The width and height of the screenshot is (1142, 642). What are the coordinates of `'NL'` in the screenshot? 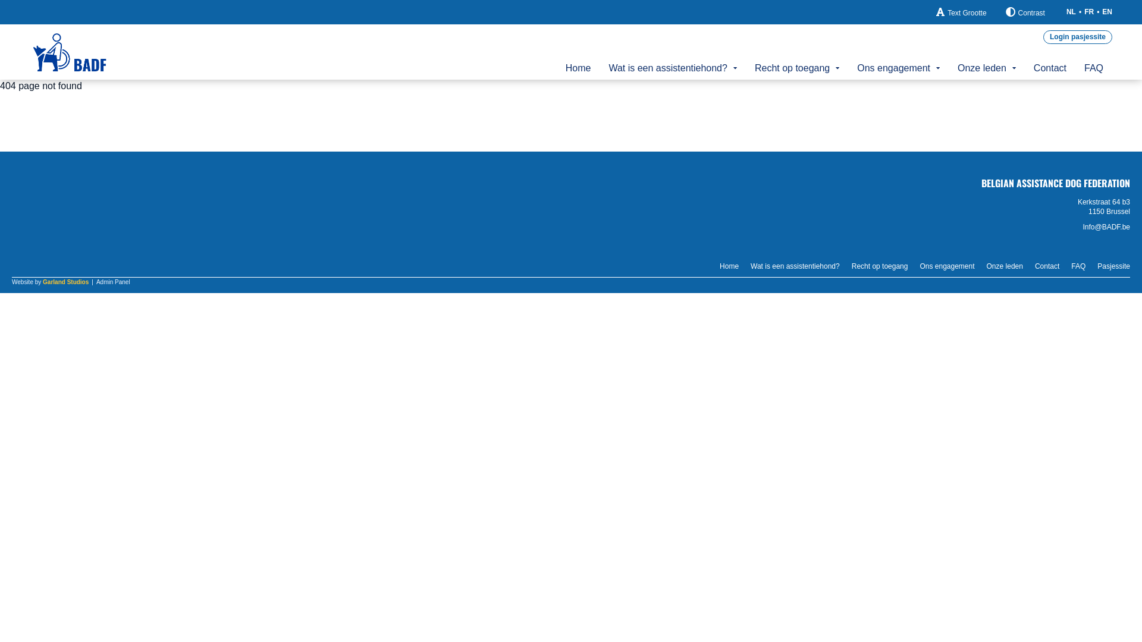 It's located at (1071, 11).